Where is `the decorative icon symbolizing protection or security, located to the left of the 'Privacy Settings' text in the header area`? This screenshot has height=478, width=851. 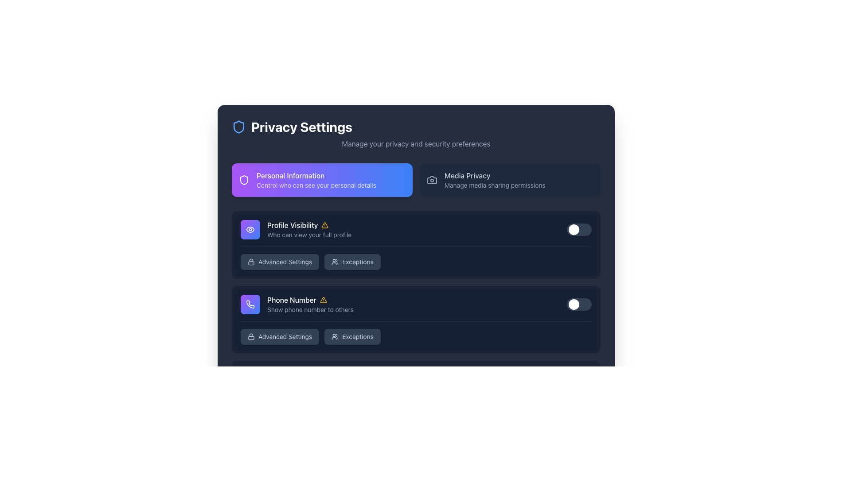
the decorative icon symbolizing protection or security, located to the left of the 'Privacy Settings' text in the header area is located at coordinates (238, 127).